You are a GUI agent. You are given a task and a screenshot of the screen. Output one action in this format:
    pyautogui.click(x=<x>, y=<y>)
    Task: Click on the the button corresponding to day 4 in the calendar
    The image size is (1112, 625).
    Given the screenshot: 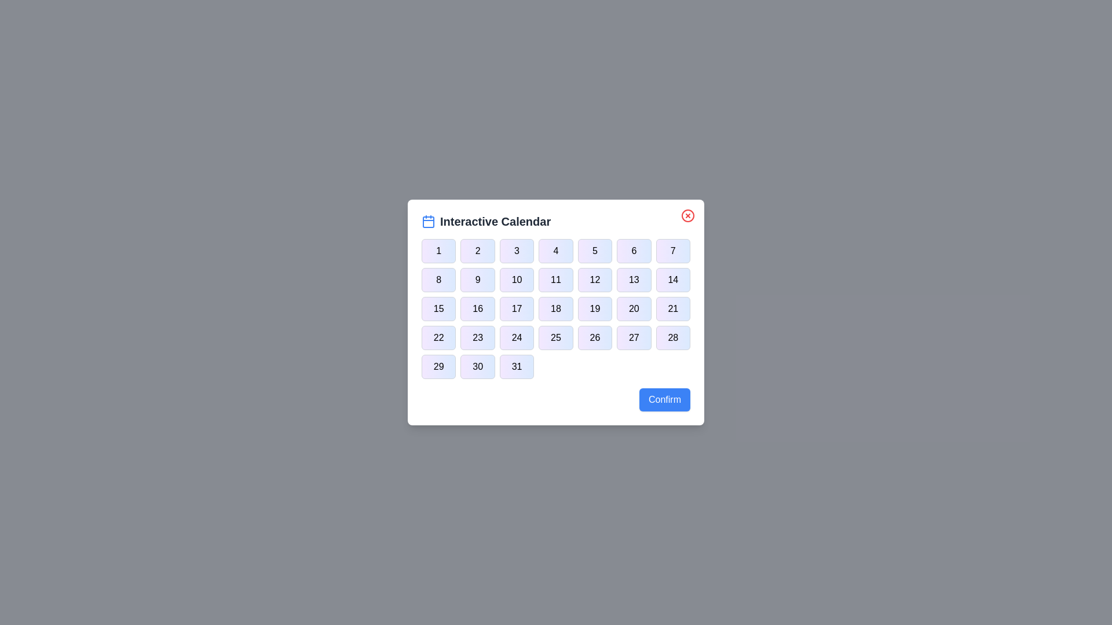 What is the action you would take?
    pyautogui.click(x=556, y=251)
    